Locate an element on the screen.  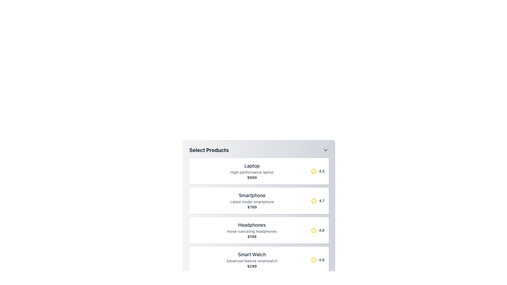
the Product Card, which is the first item in the list of product cards located below the header title 'Select Products' is located at coordinates (259, 171).